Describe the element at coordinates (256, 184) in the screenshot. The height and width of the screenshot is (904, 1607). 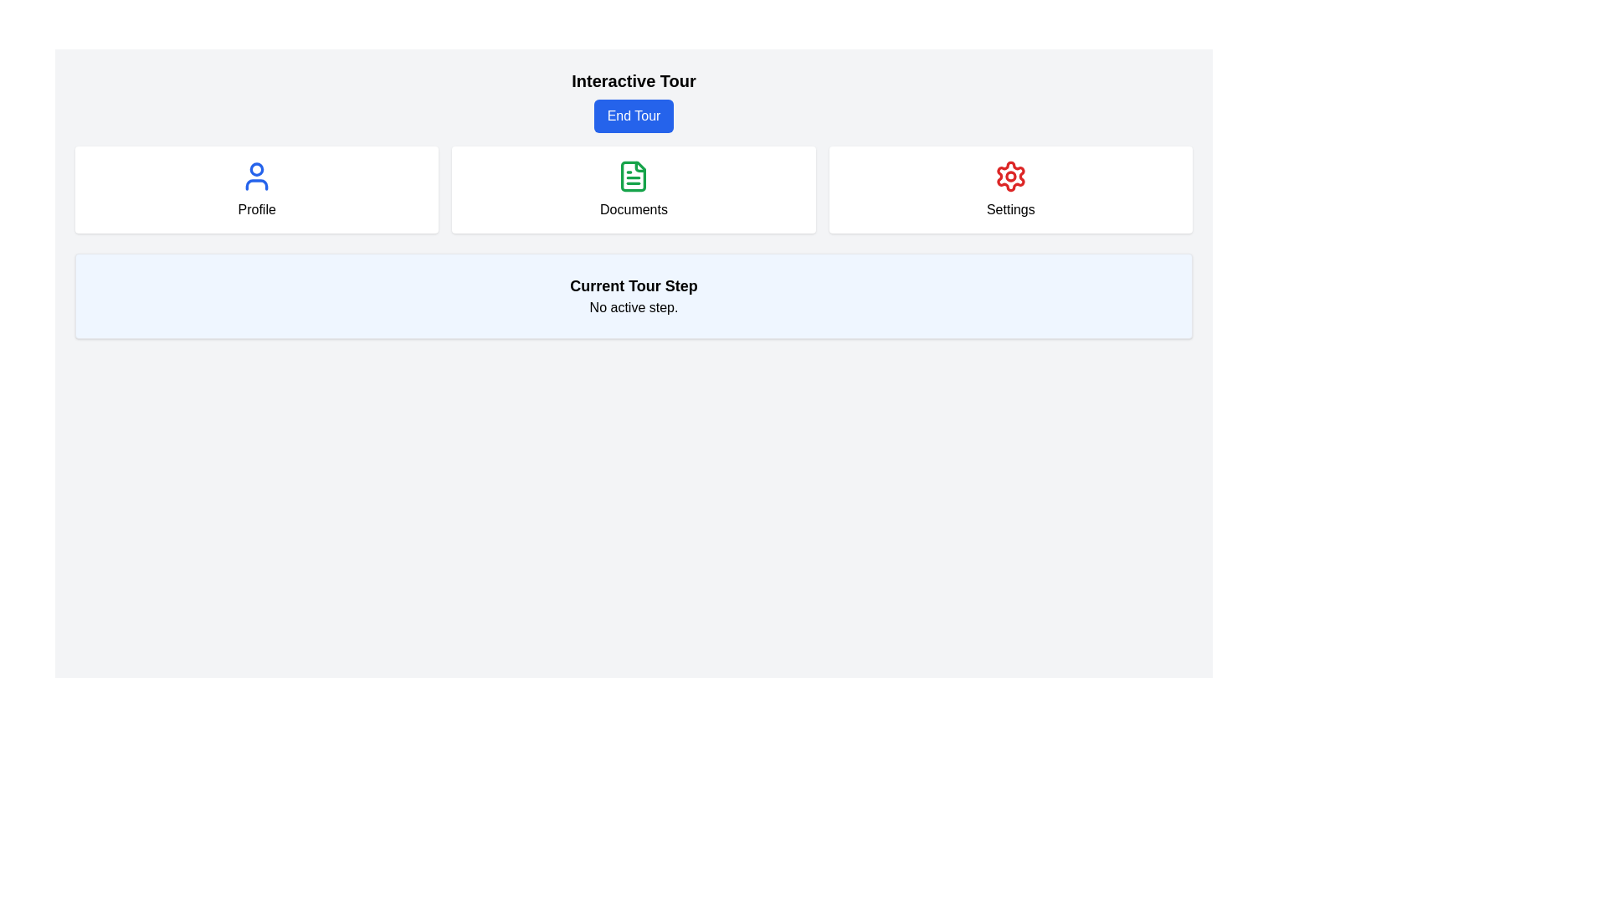
I see `the lower segment of the blue circular profile icon representing a user, located in the first card labeled 'Profile'` at that location.